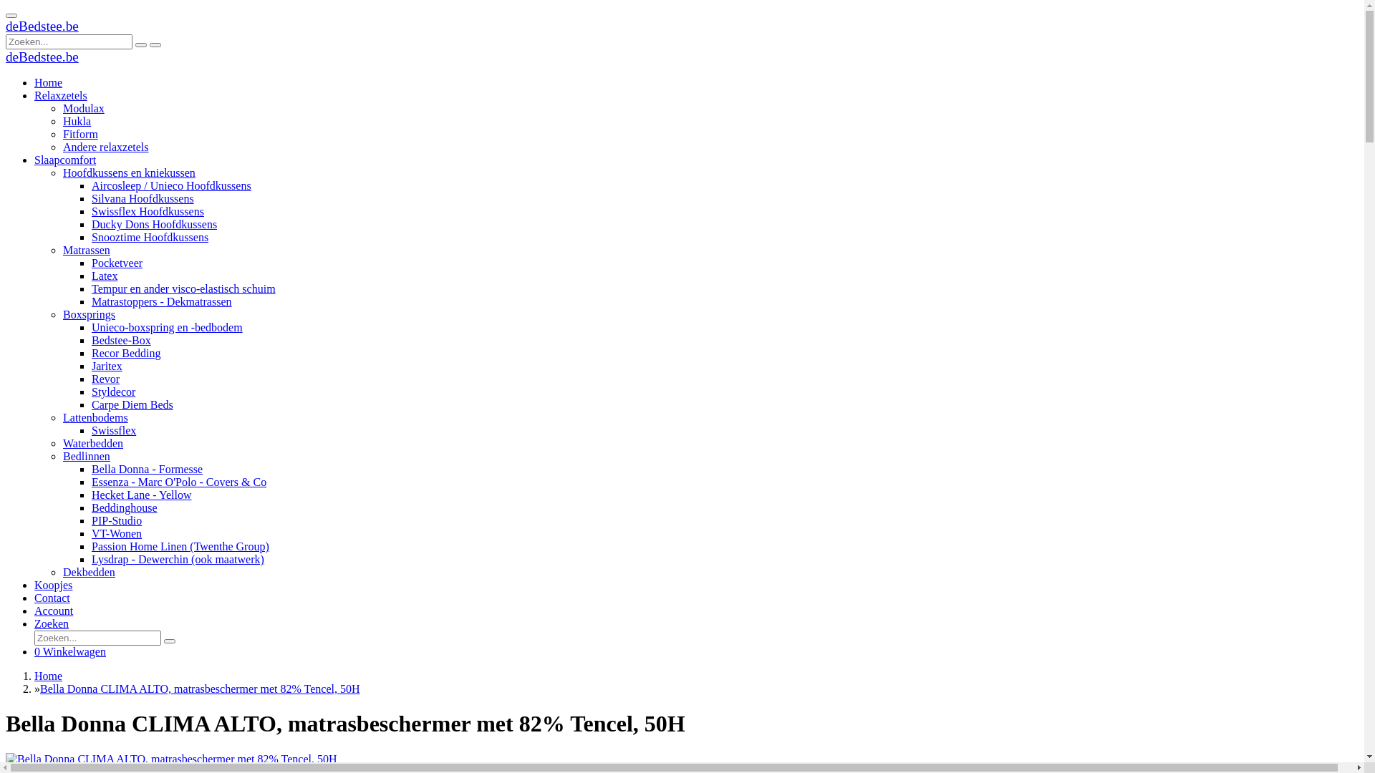  Describe the element at coordinates (85, 249) in the screenshot. I see `'Matrassen'` at that location.